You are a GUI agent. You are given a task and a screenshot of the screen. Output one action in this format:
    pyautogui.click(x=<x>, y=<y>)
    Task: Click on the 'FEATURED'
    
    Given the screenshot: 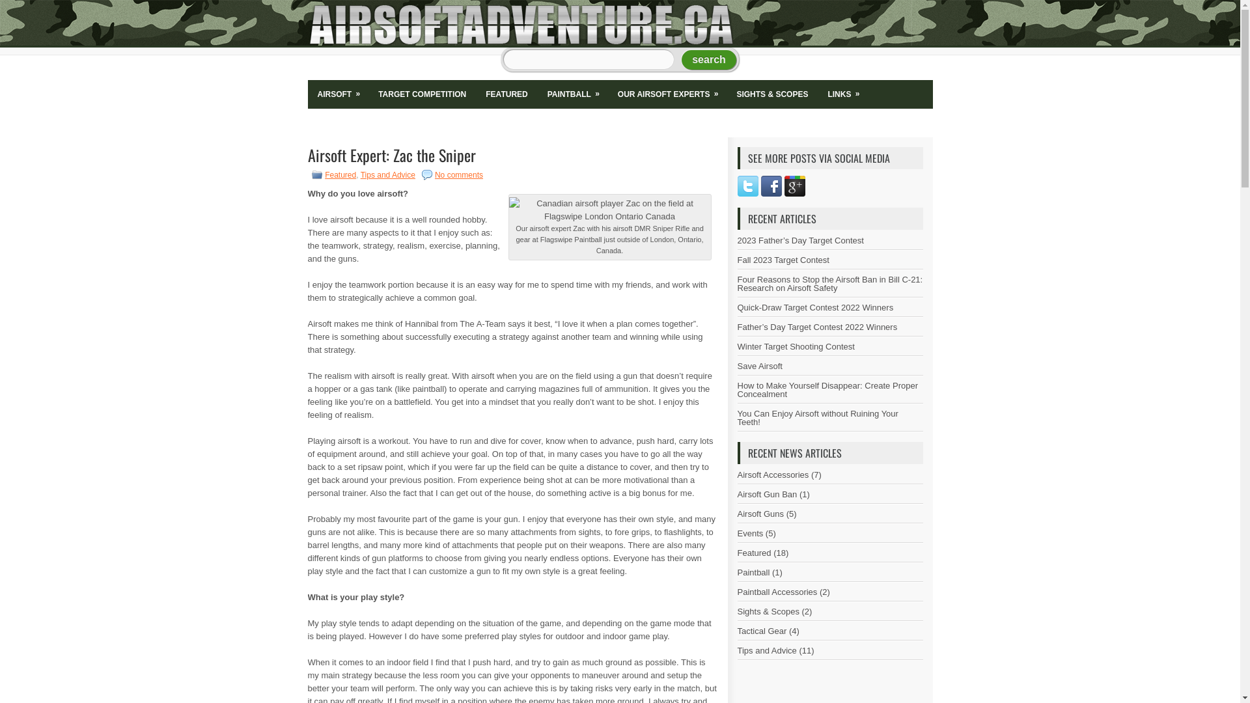 What is the action you would take?
    pyautogui.click(x=505, y=94)
    